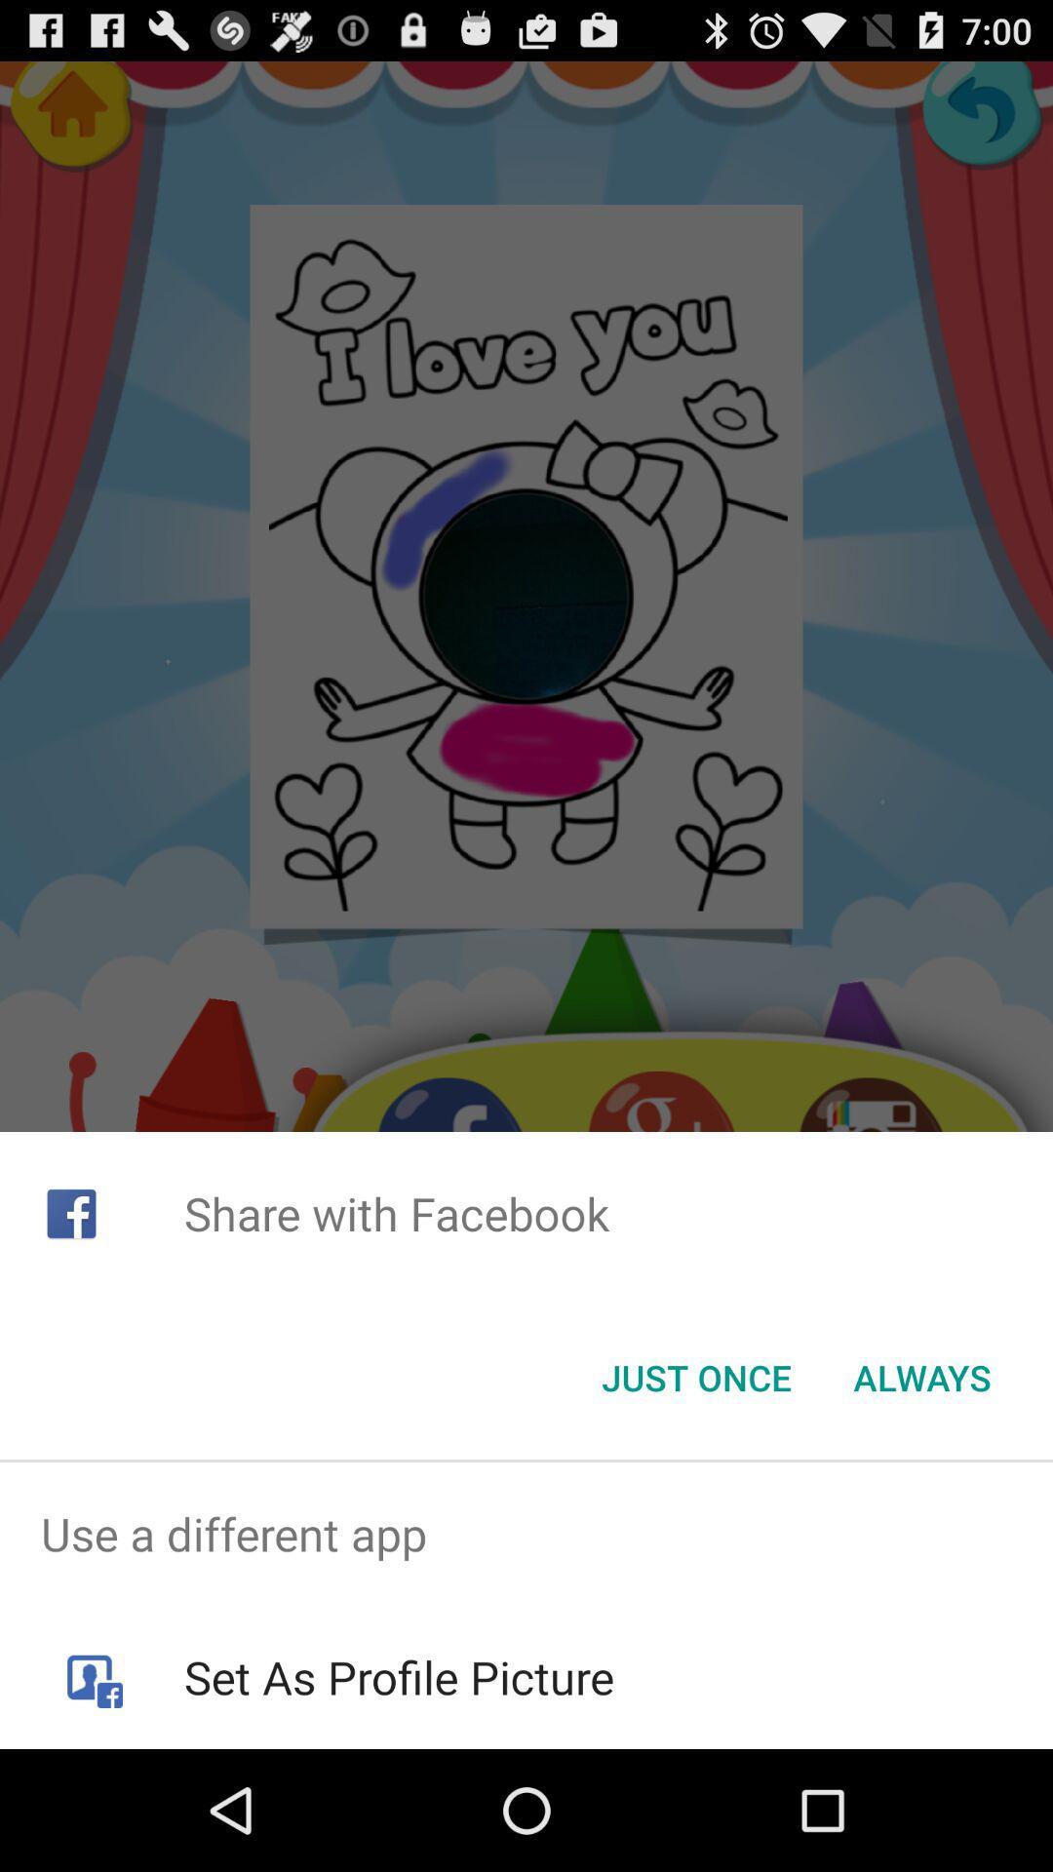  Describe the element at coordinates (695, 1376) in the screenshot. I see `the just once button` at that location.